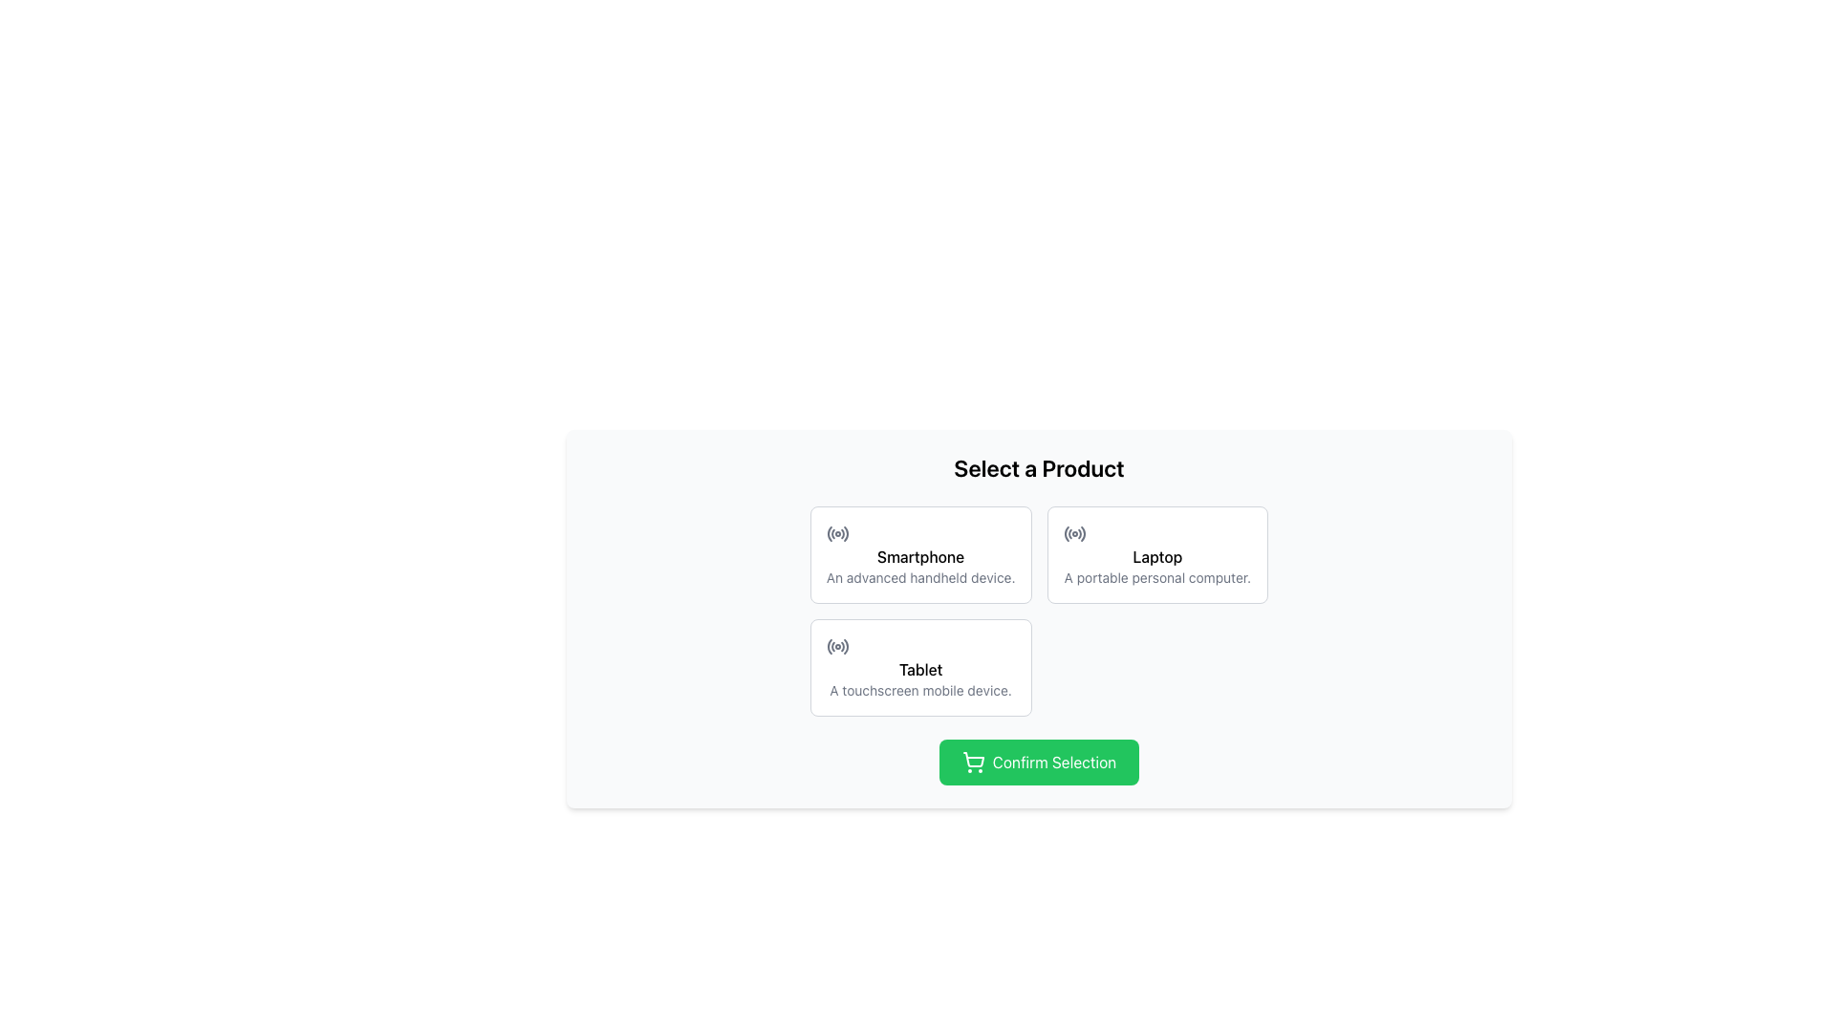  Describe the element at coordinates (920, 690) in the screenshot. I see `the text label displaying 'A touchscreen mobile device.' which is styled in a smaller gray font and located directly below the 'Tablet' title` at that location.